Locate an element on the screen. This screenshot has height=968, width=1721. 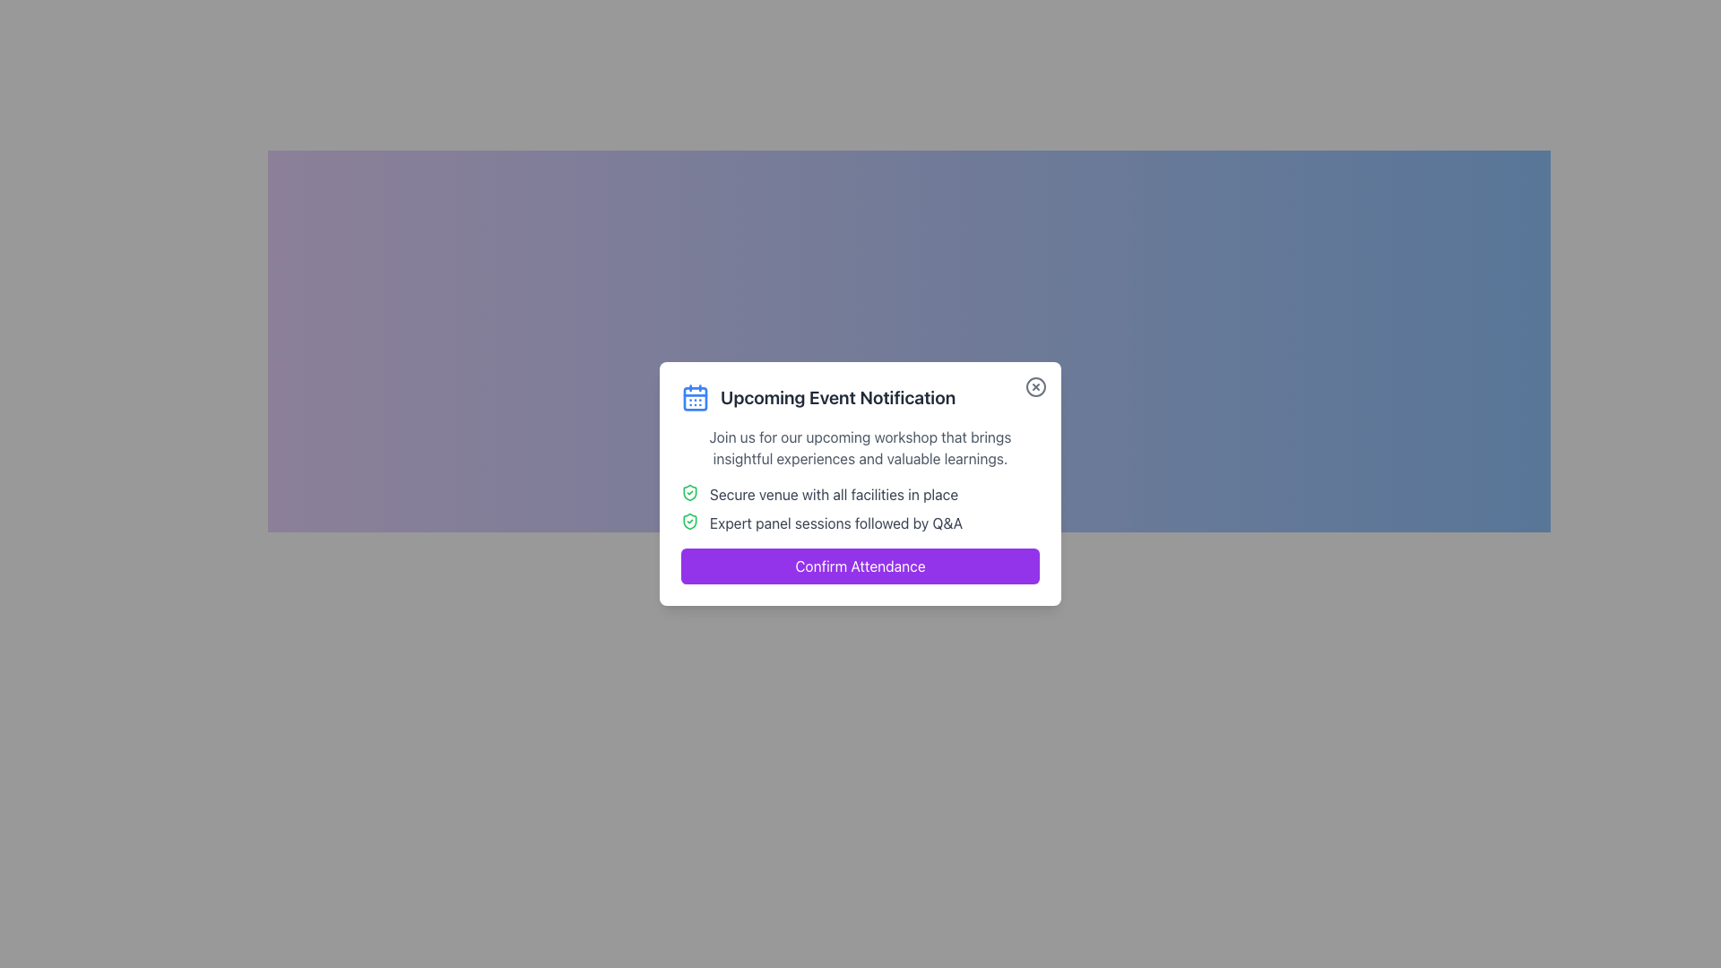
the green shield icon with a checkmark is located at coordinates (688, 493).